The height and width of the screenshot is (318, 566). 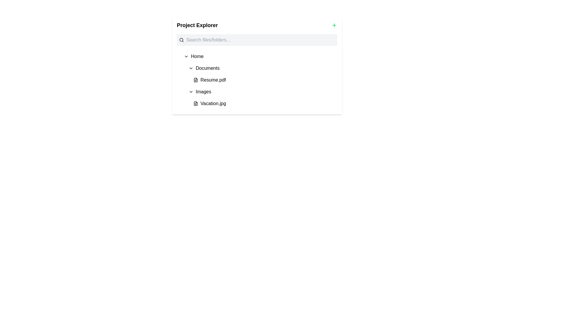 I want to click on the small green plus icon located at the top-right corner of the 'Project Explorer' section, so click(x=334, y=25).